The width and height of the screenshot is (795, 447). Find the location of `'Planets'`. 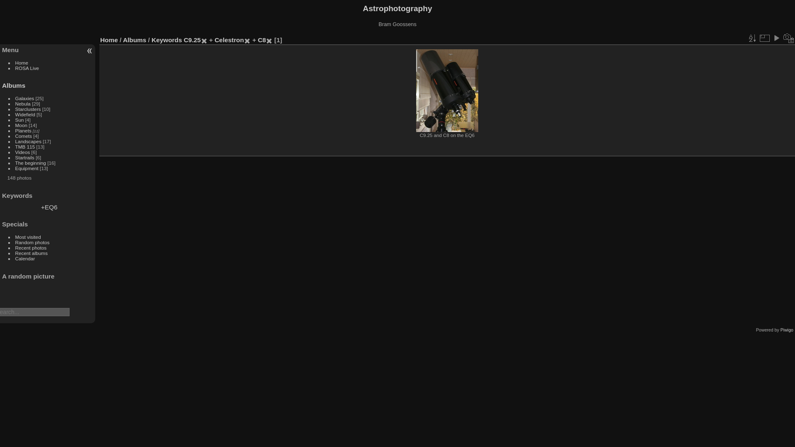

'Planets' is located at coordinates (23, 130).